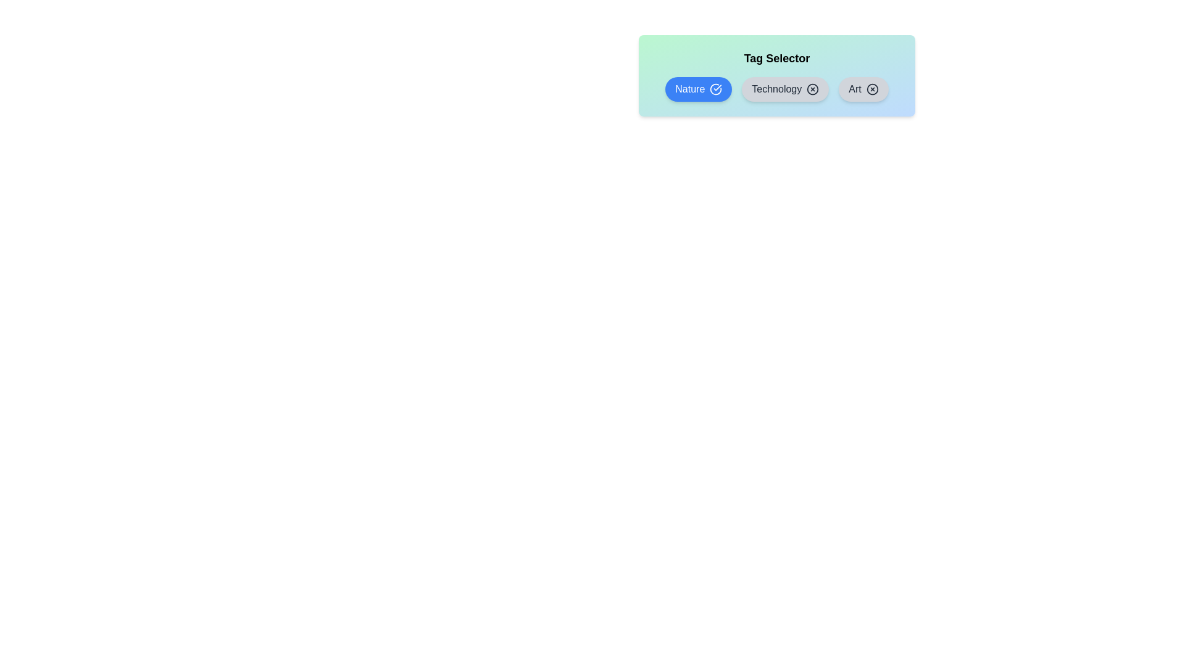 The width and height of the screenshot is (1185, 666). I want to click on the tag Nature to observe the hover effect, so click(699, 89).